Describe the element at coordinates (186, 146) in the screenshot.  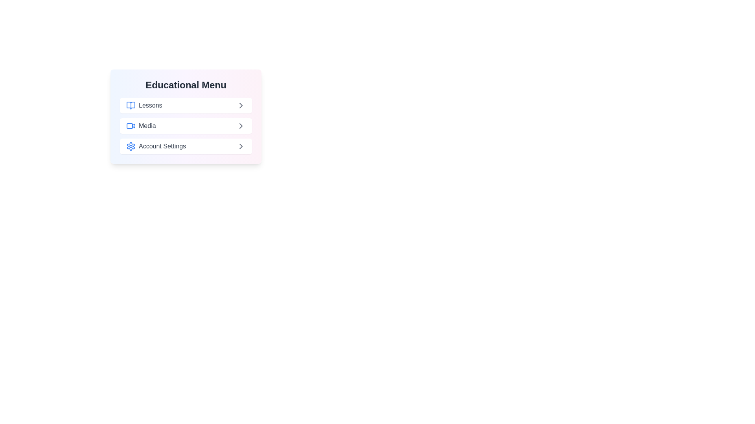
I see `the third menu item in the 'Educational Menu' that accesses account settings, located below 'Lessons' and 'Media'` at that location.